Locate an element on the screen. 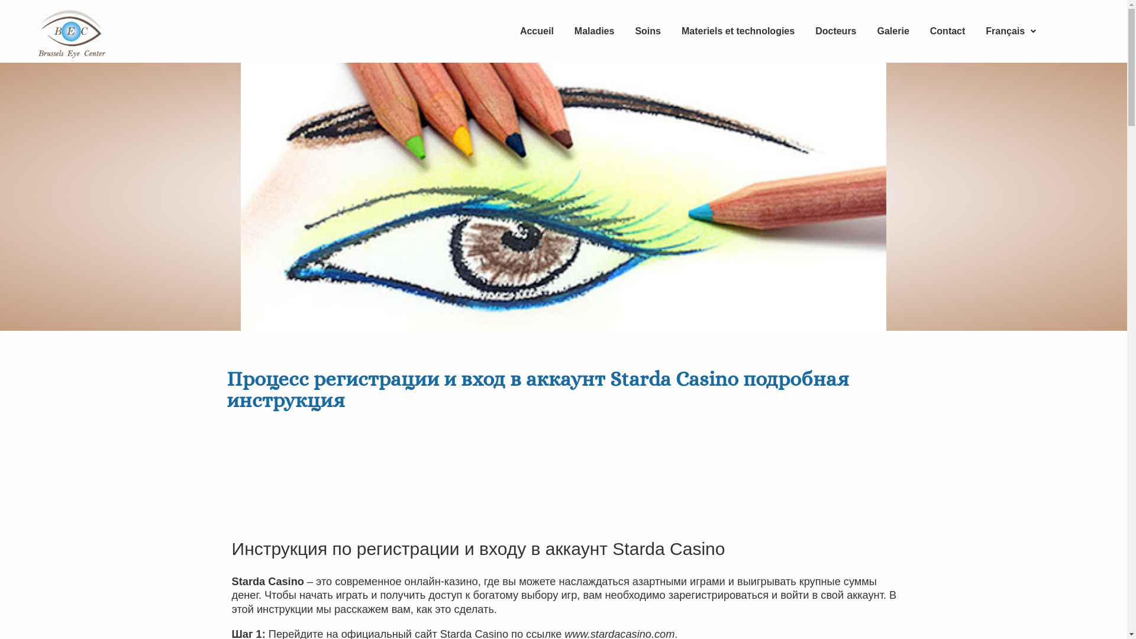 The width and height of the screenshot is (1136, 639). 'Galerie' is located at coordinates (893, 31).